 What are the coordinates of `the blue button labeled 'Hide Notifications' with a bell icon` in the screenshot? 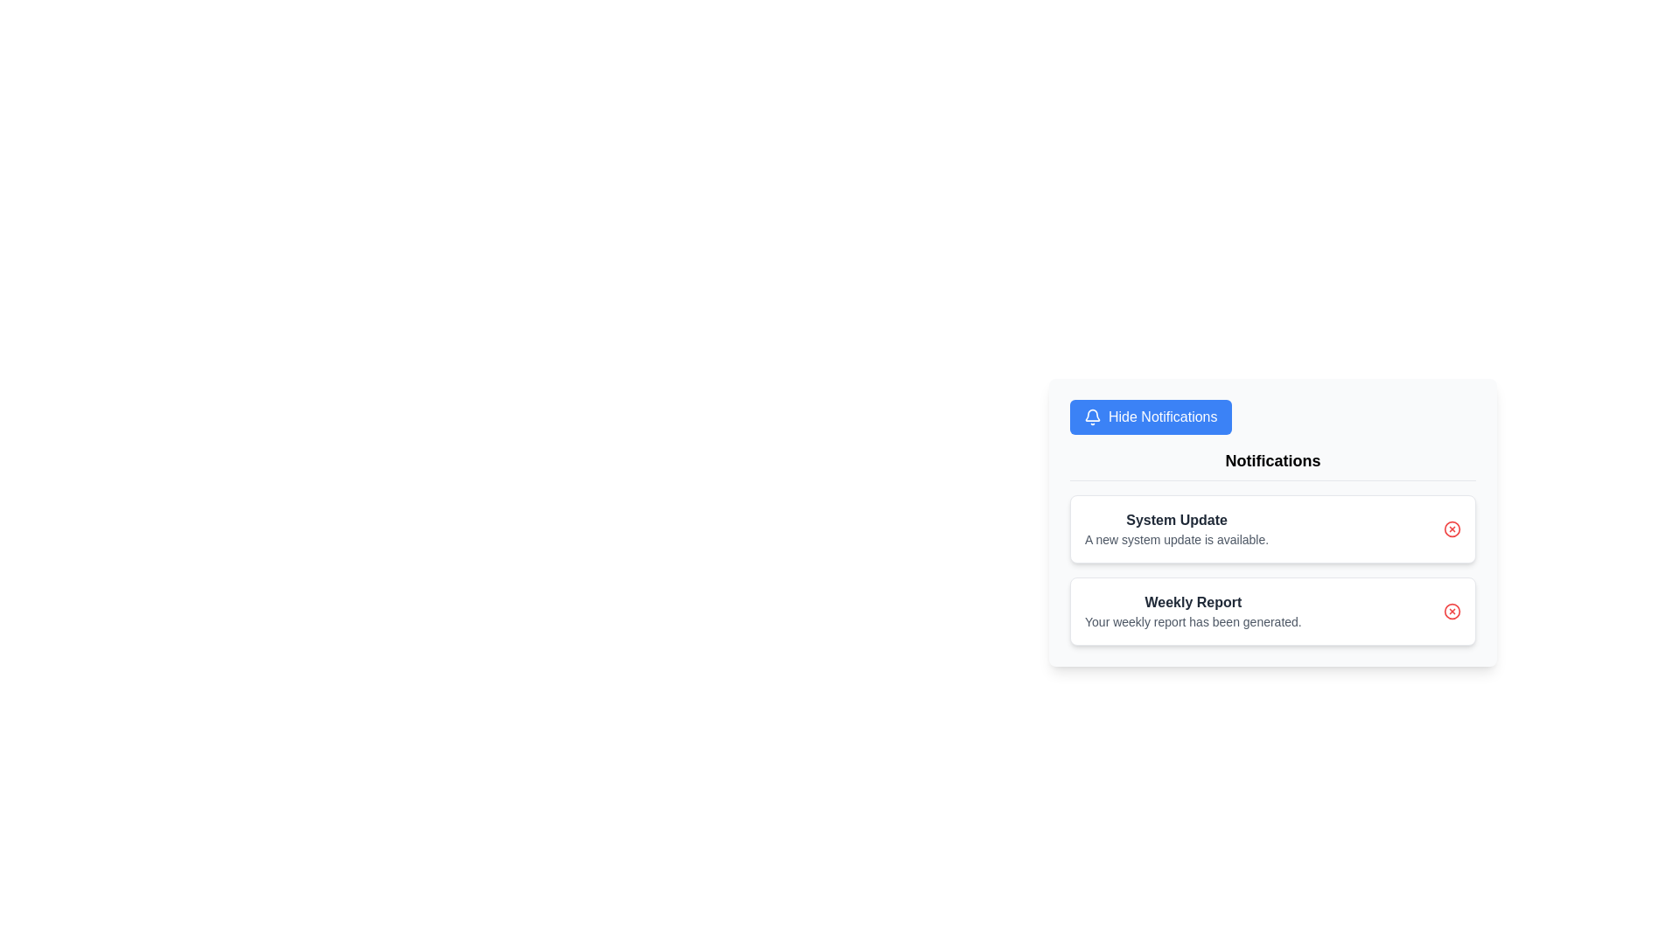 It's located at (1151, 417).